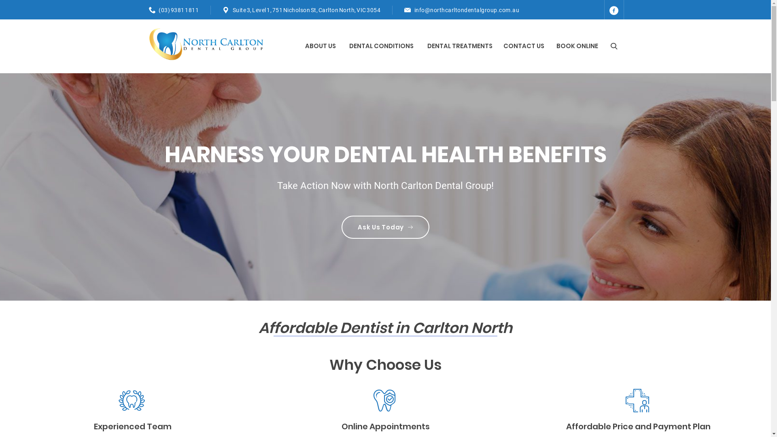 The width and height of the screenshot is (777, 437). Describe the element at coordinates (461, 46) in the screenshot. I see `'DENTAL TREATMENTS'` at that location.